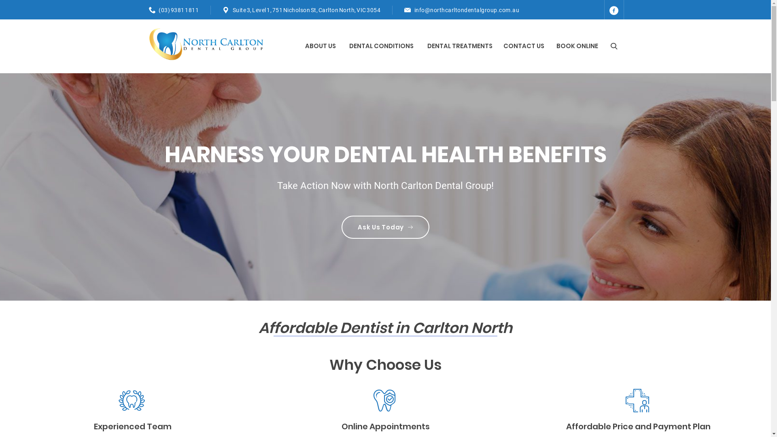 The width and height of the screenshot is (777, 437). Describe the element at coordinates (461, 46) in the screenshot. I see `'DENTAL TREATMENTS'` at that location.